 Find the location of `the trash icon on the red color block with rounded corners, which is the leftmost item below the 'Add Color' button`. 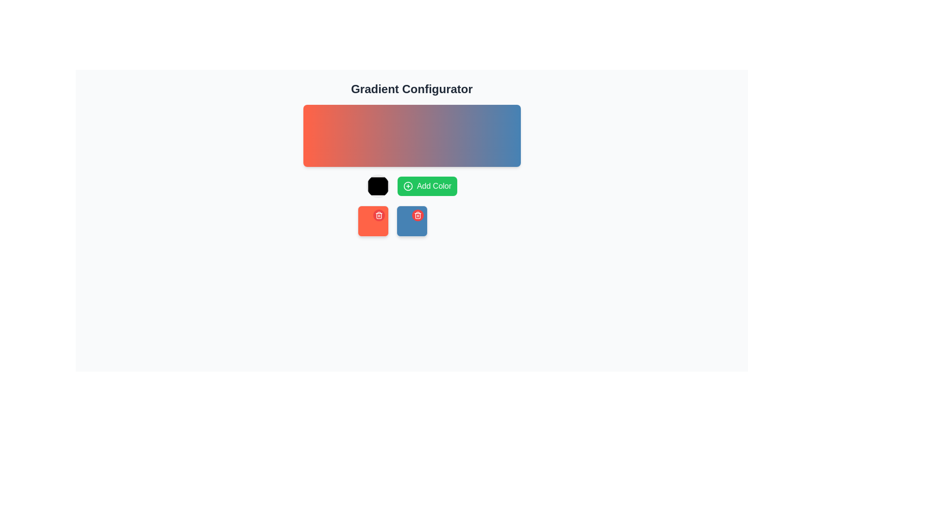

the trash icon on the red color block with rounded corners, which is the leftmost item below the 'Add Color' button is located at coordinates (372, 221).